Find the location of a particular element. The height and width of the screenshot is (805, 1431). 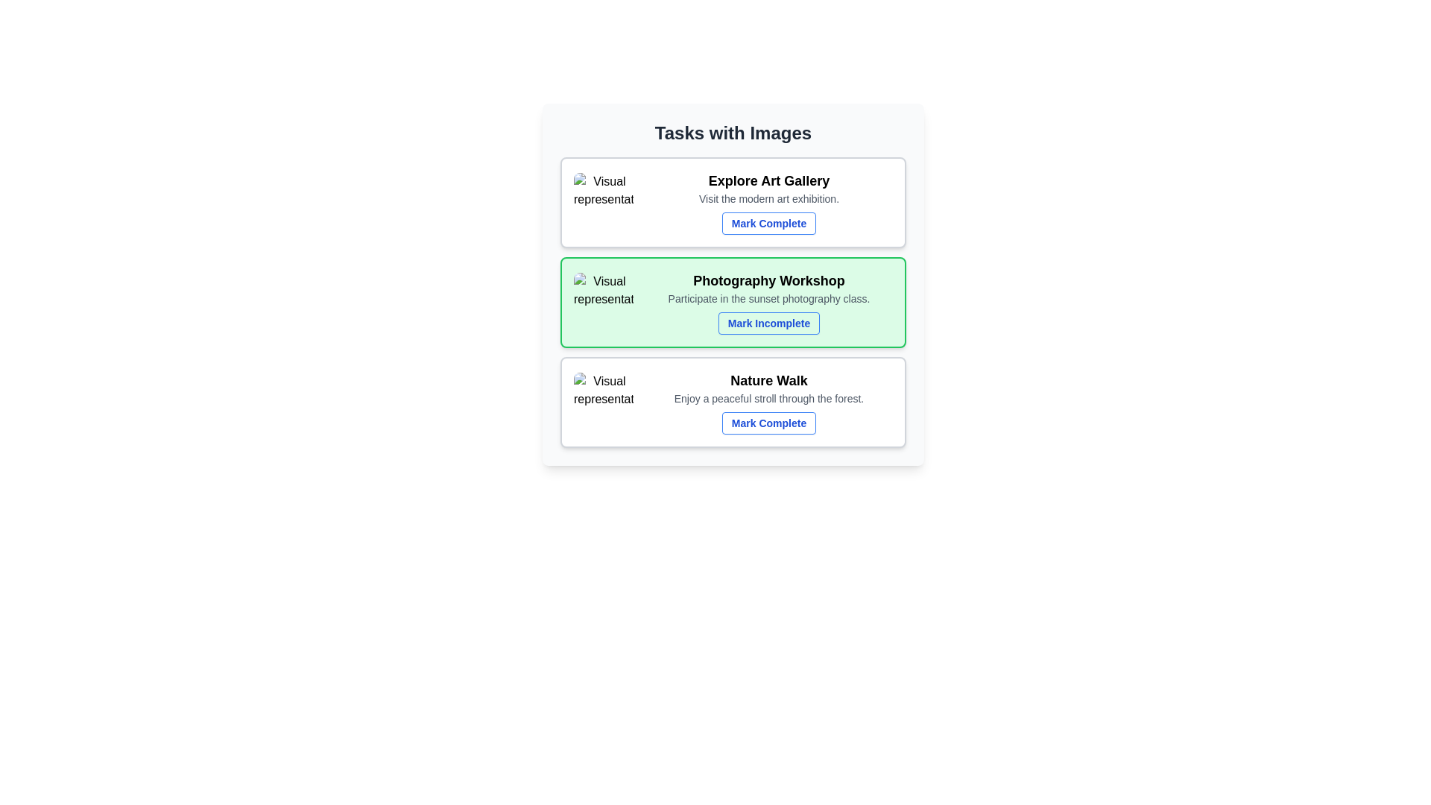

the 'Explore Art Gallery' button to toggle its completion status is located at coordinates (769, 224).